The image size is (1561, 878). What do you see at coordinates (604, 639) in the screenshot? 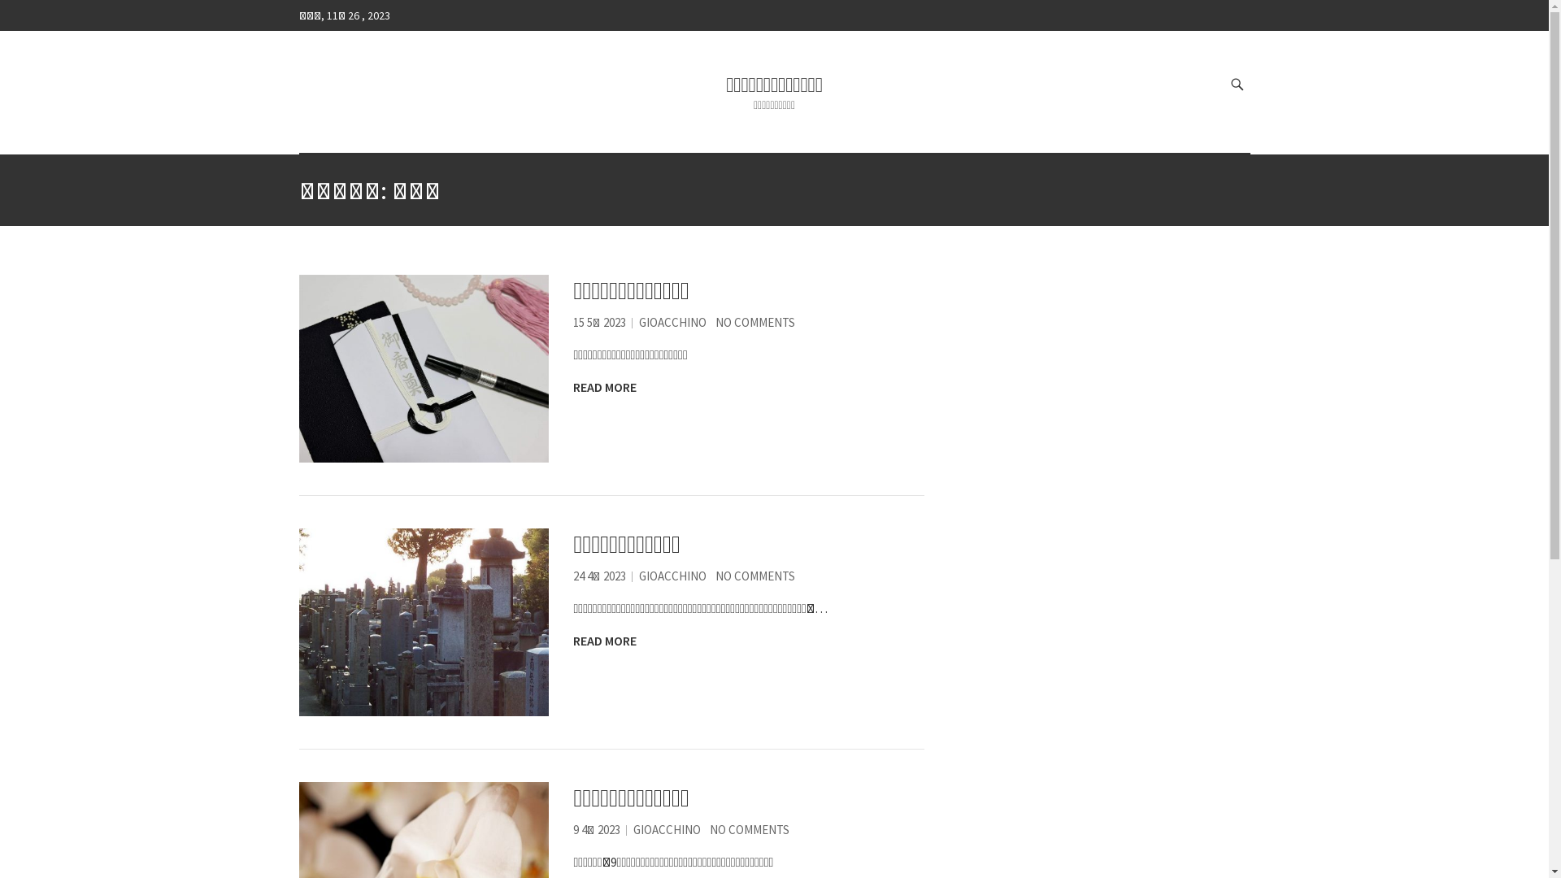
I see `'READ MORE'` at bounding box center [604, 639].